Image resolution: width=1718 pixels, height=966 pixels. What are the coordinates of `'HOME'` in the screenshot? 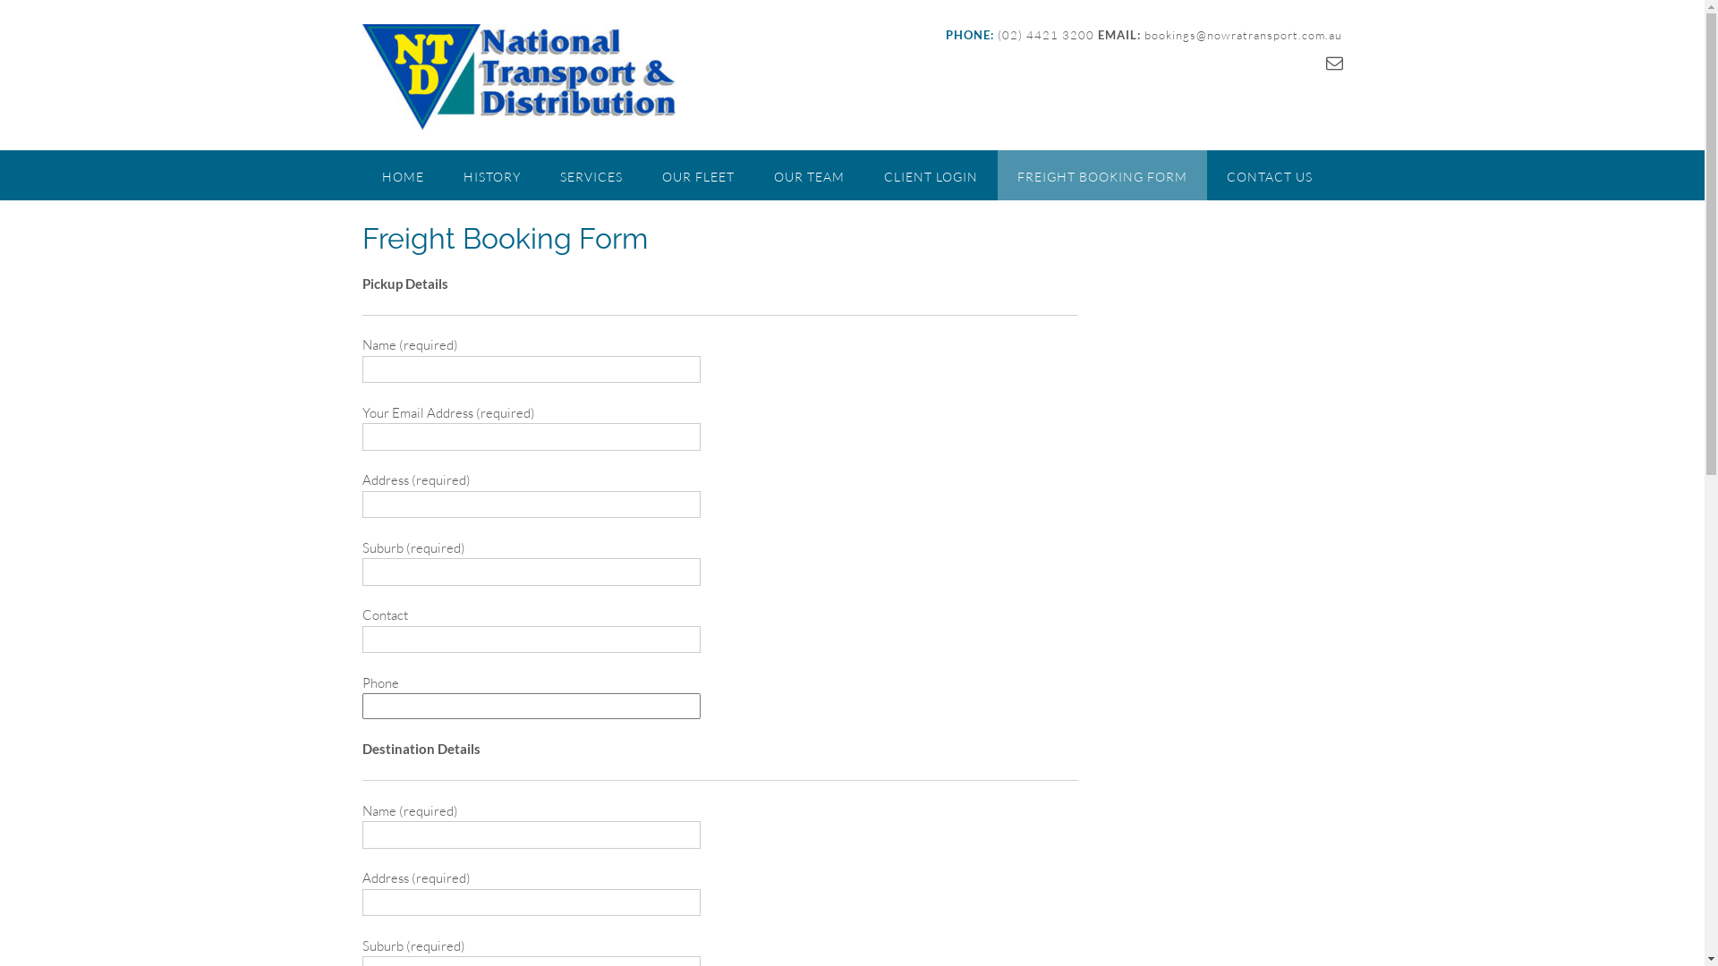 It's located at (360, 175).